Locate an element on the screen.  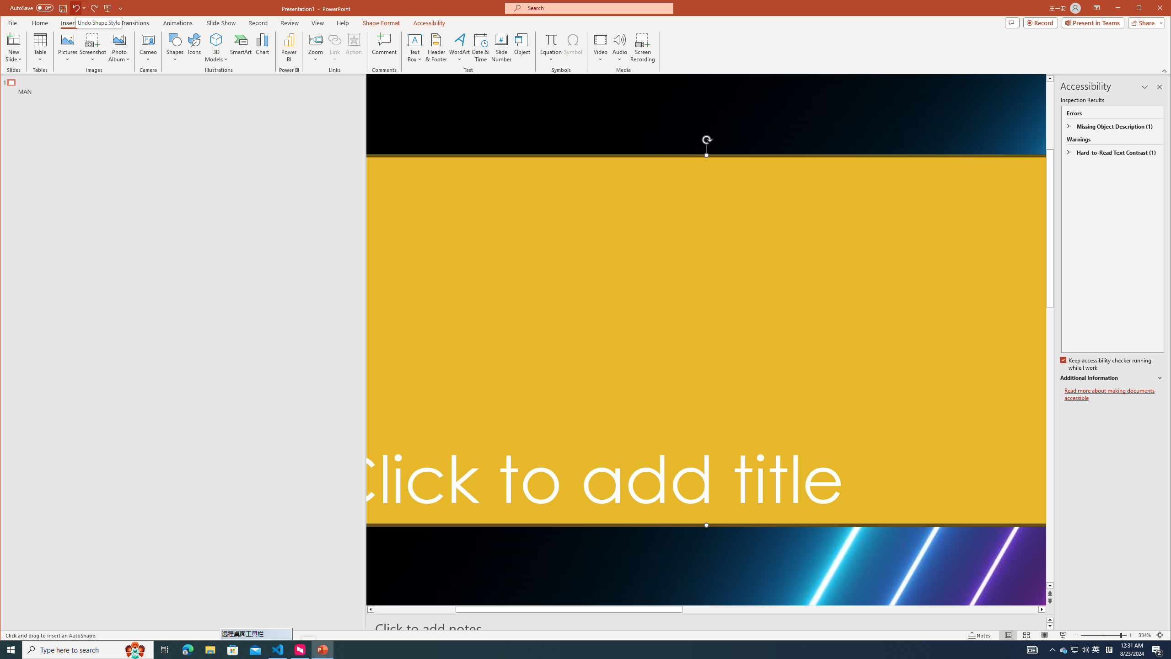
'Notes ' is located at coordinates (979, 635).